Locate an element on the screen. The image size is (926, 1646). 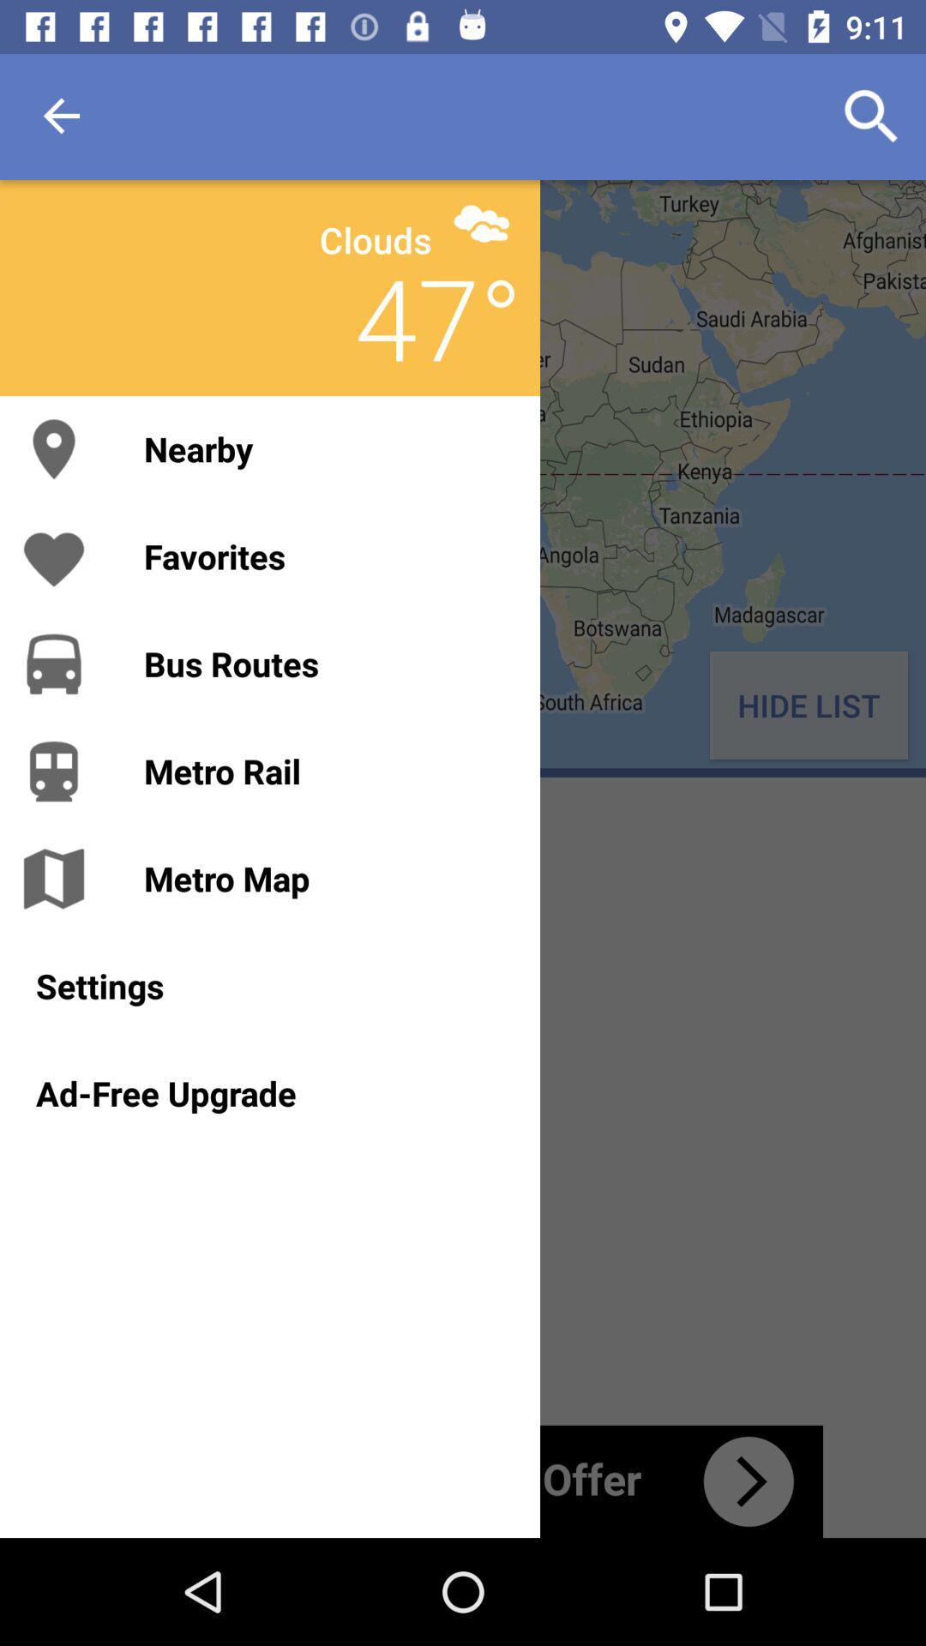
the favorites is located at coordinates (324, 556).